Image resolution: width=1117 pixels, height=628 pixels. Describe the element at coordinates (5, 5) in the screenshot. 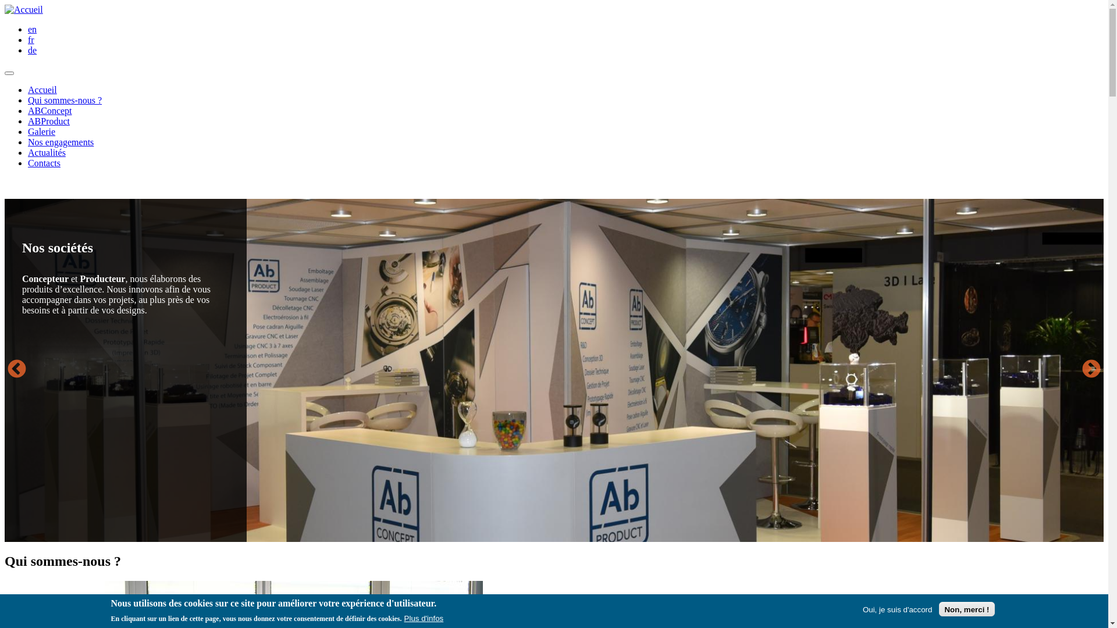

I see `'Aller au contenu principal'` at that location.